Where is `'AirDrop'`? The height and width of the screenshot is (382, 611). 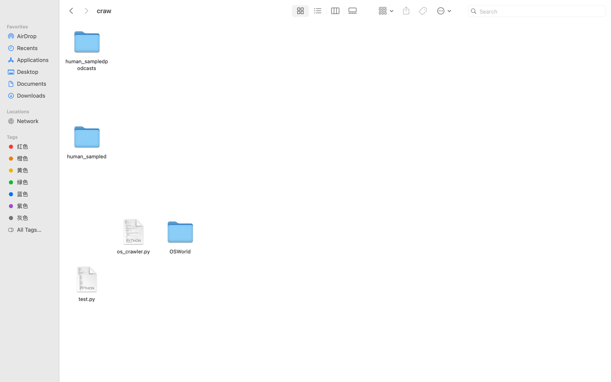
'AirDrop' is located at coordinates (34, 36).